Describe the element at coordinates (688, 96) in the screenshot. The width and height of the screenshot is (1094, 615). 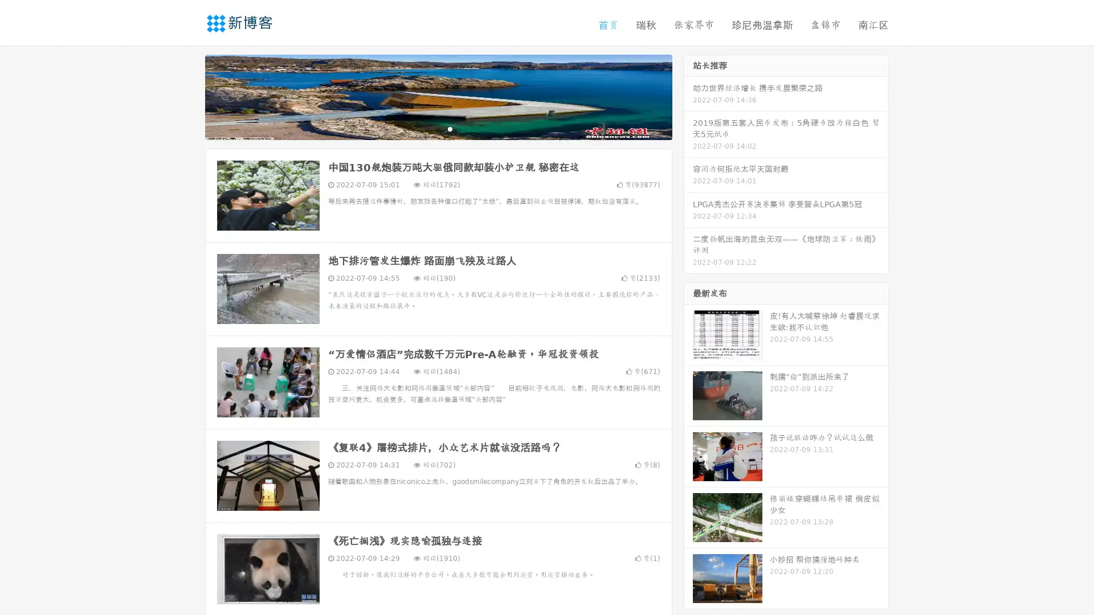
I see `Next slide` at that location.